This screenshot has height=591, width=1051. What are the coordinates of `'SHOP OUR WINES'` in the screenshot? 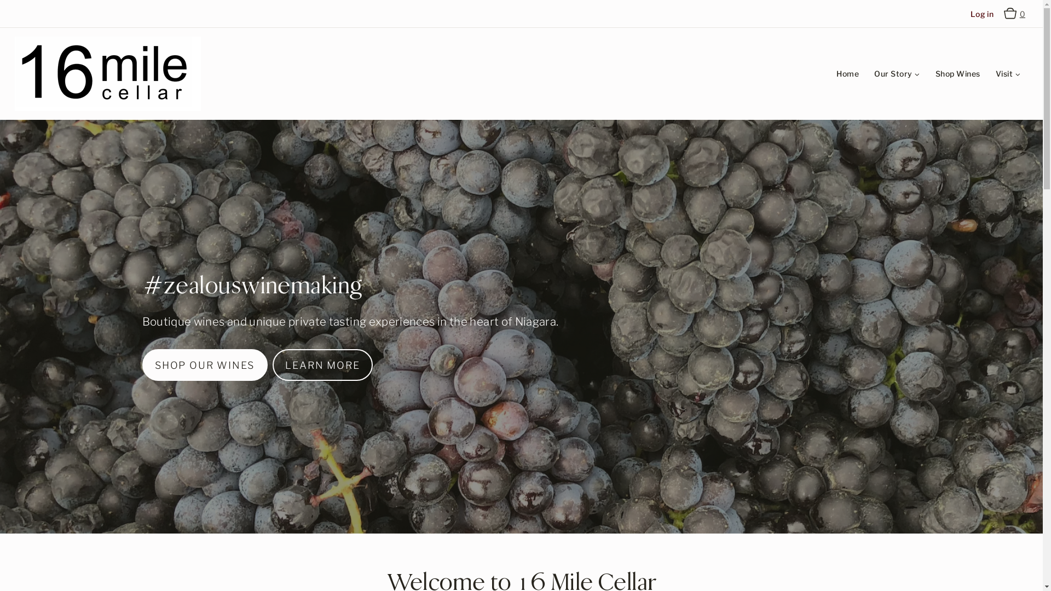 It's located at (205, 365).